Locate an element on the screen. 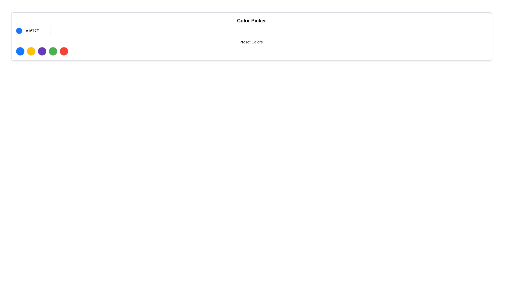  the color indicator circle in the Color Picker component is located at coordinates (251, 31).